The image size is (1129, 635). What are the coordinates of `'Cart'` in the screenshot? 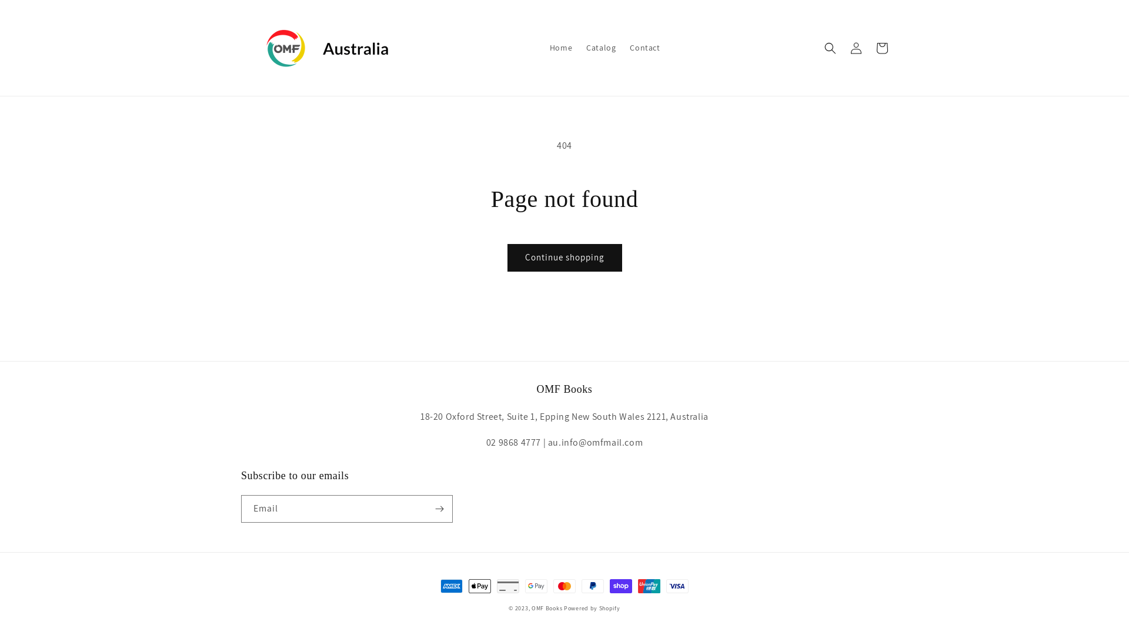 It's located at (881, 47).